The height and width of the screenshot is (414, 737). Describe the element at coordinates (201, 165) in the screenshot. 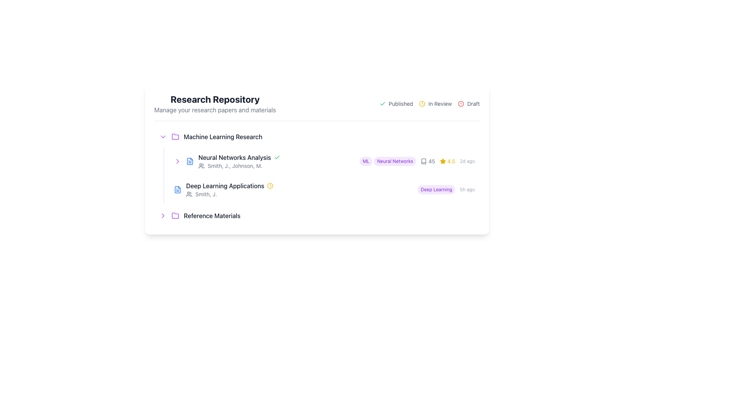

I see `the multiple users icon located to the left of the text 'Smith, J., Johnson, M.' in the 'Machine Learning Research' section to understand its association` at that location.